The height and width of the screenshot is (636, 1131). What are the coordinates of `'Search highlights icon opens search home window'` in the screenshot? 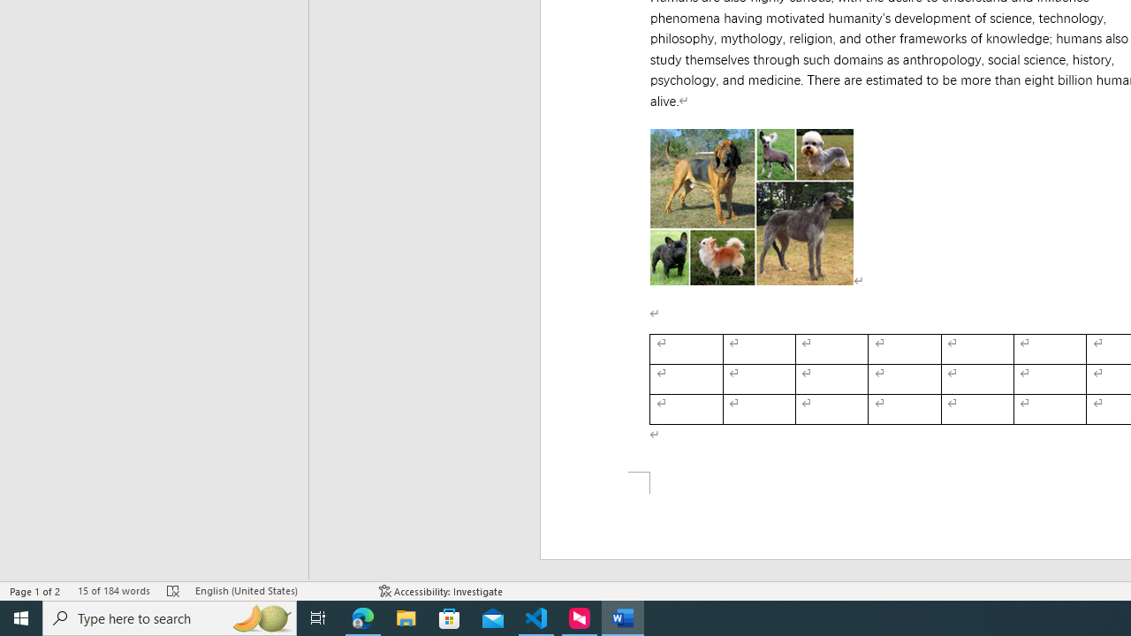 It's located at (260, 617).